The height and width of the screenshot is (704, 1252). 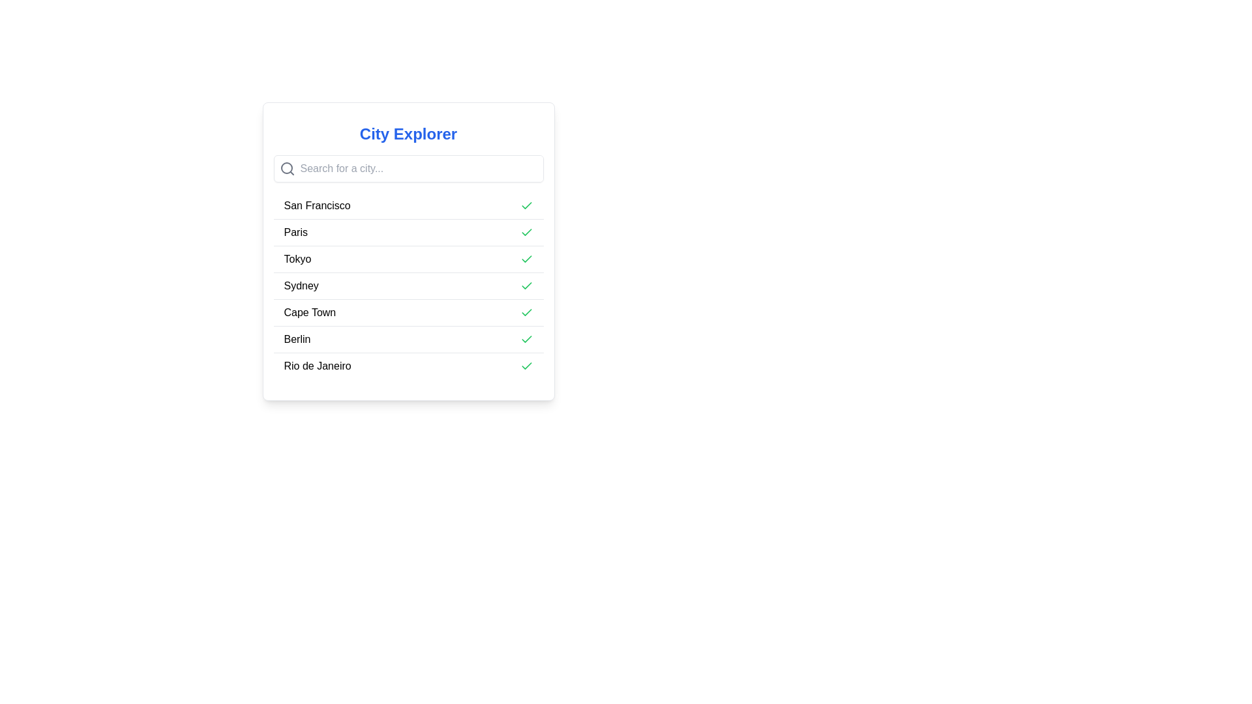 What do you see at coordinates (526, 312) in the screenshot?
I see `checkmark icon with a thin green stroke located to the right of the text label 'Berlin', which is the sixth icon in a vertical list layout` at bounding box center [526, 312].